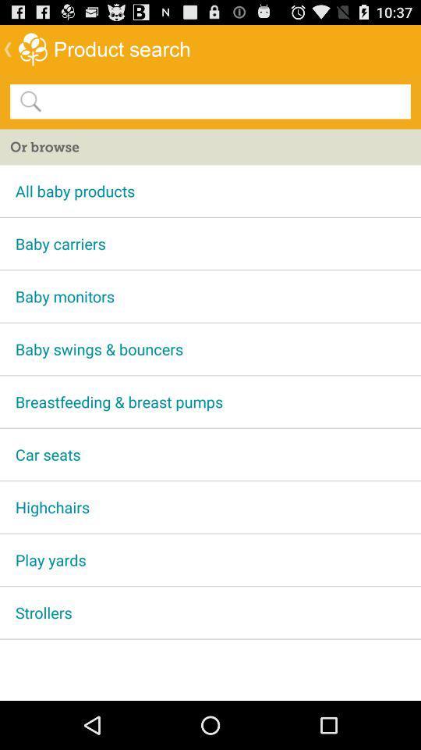 The width and height of the screenshot is (421, 750). I want to click on the all baby products app, so click(210, 190).